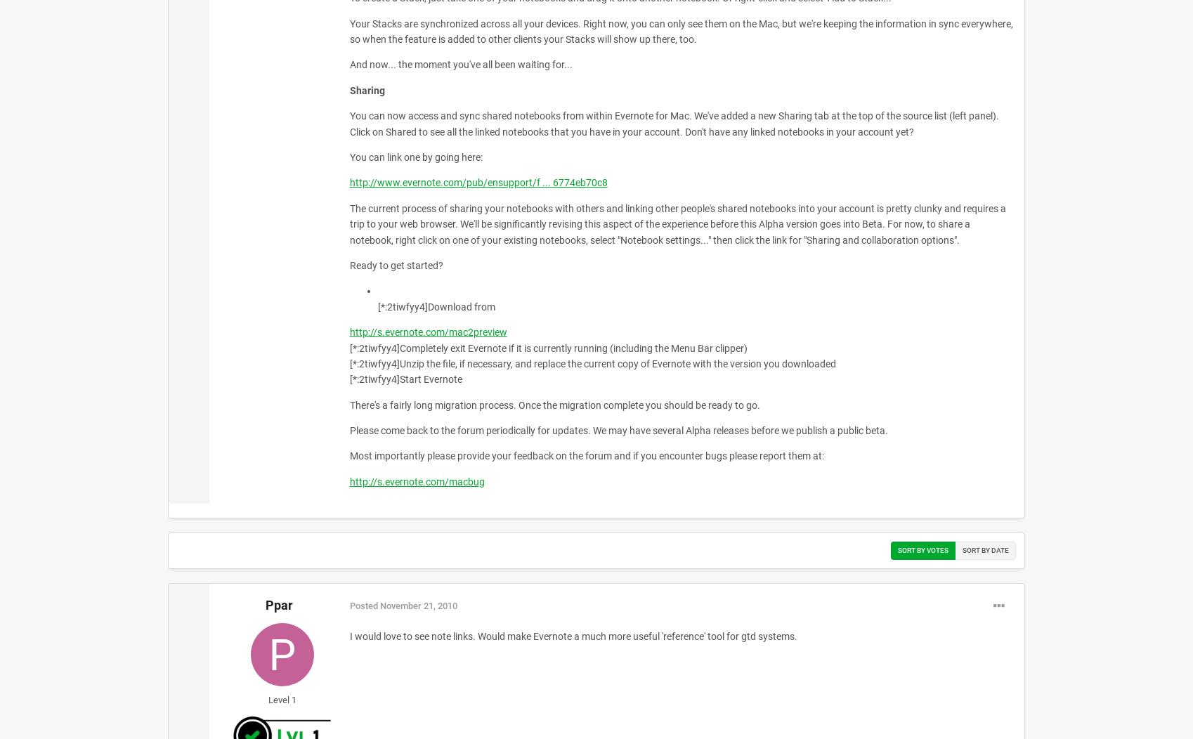  I want to click on '[*:2tiwfyy4]Start Evernote', so click(405, 379).